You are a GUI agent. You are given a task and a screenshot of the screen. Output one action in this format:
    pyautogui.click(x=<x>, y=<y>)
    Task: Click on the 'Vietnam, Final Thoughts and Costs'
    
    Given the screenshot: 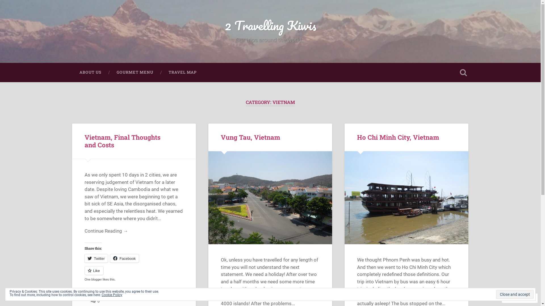 What is the action you would take?
    pyautogui.click(x=122, y=141)
    